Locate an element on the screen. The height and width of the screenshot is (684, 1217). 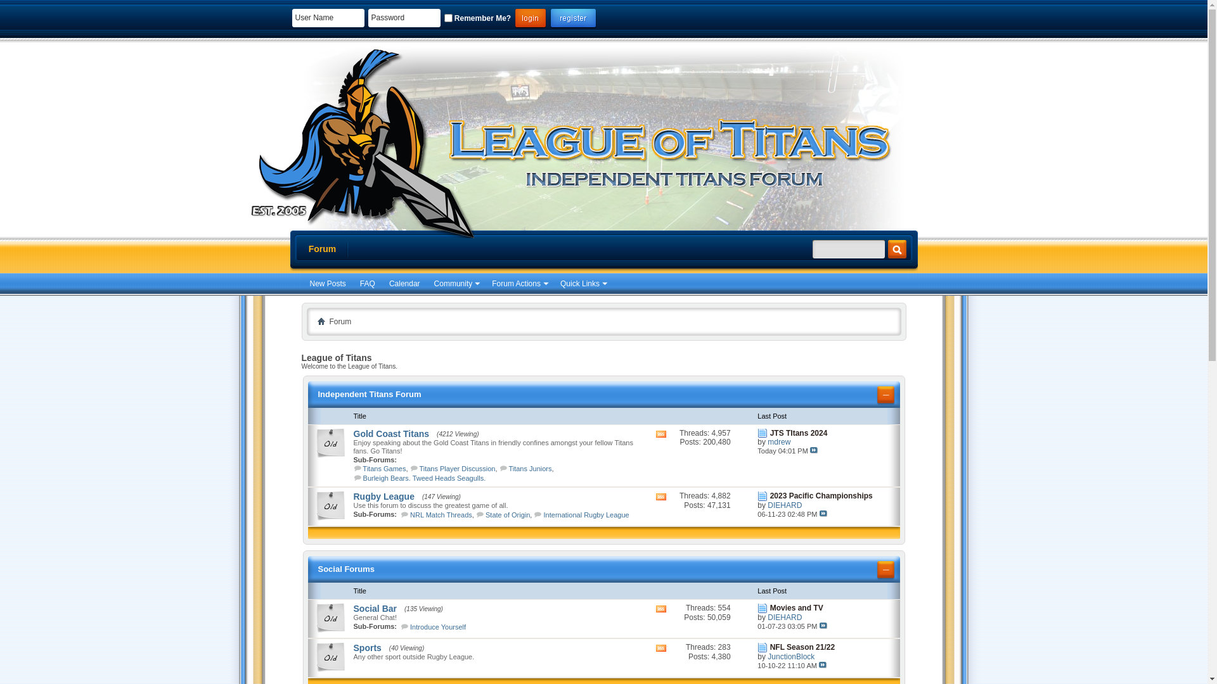
'Titans Games' is located at coordinates (383, 469).